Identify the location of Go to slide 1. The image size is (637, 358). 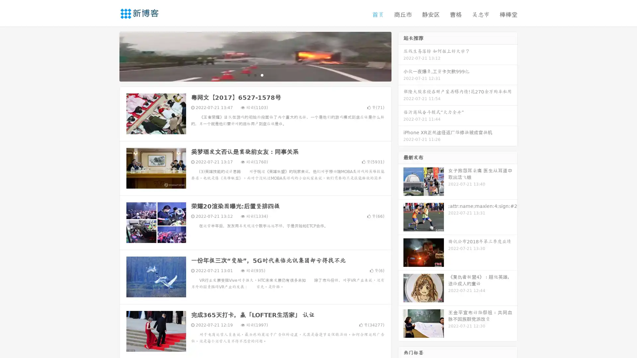
(248, 75).